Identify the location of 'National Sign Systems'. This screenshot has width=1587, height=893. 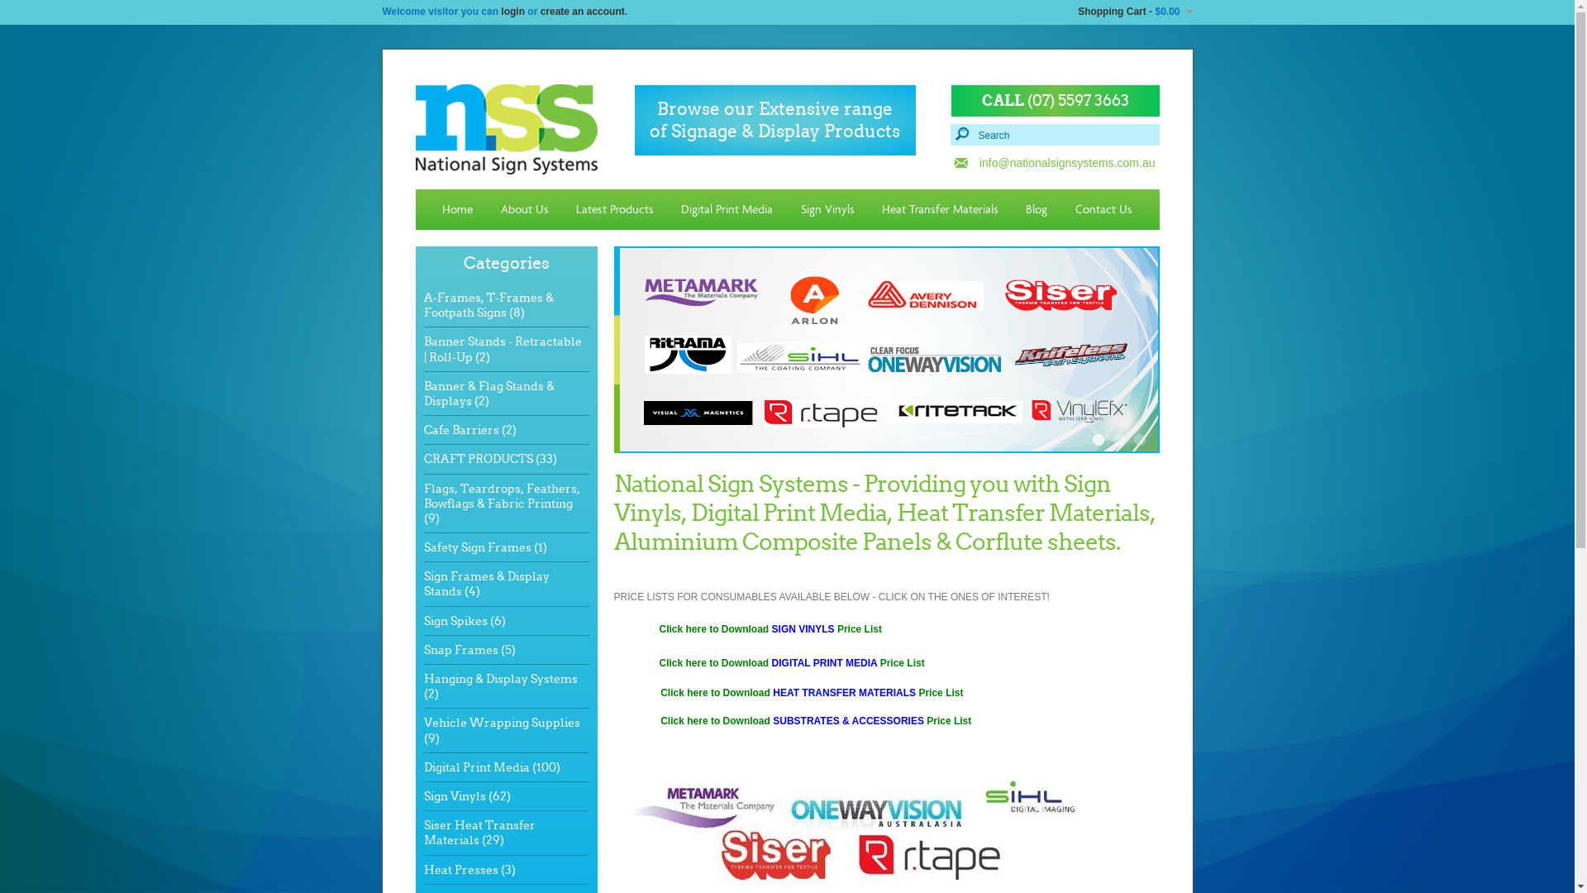
(415, 126).